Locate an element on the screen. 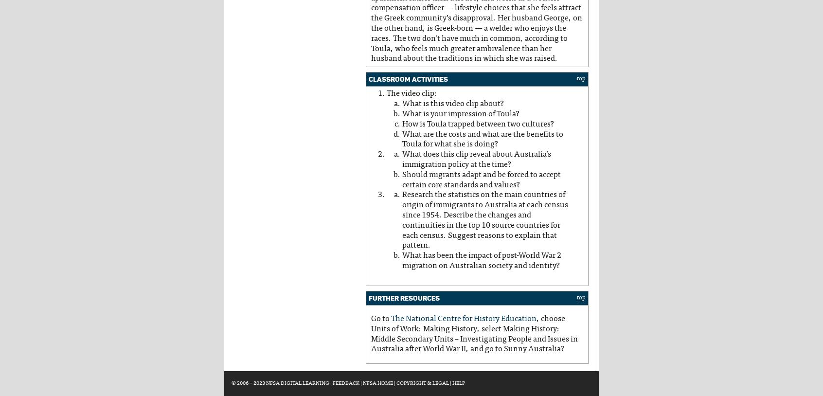 The width and height of the screenshot is (823, 396). 'What are the costs and what are the benefits to Toula for what she is doing?' is located at coordinates (402, 139).